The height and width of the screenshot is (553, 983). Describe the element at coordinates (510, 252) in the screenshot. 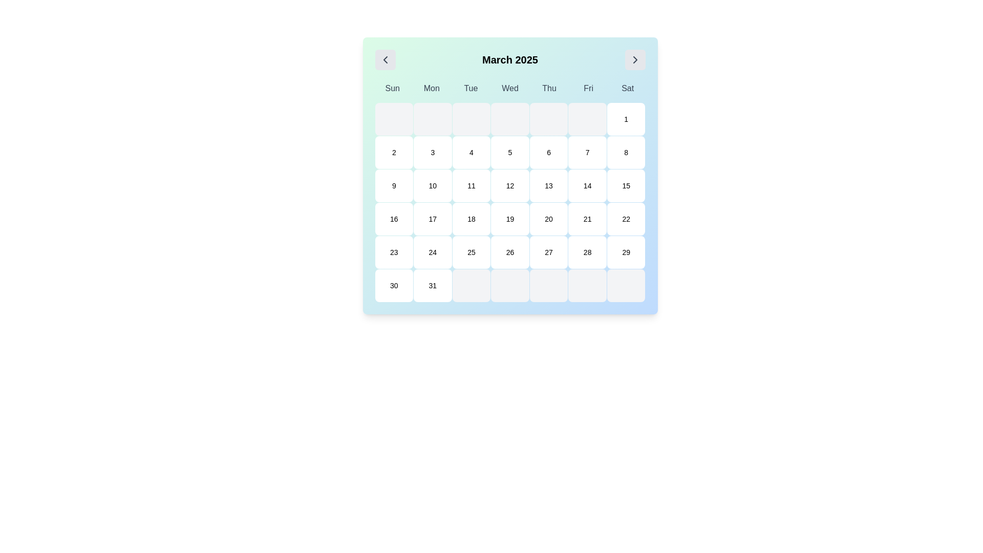

I see `the calendar date button labeled '26'` at that location.